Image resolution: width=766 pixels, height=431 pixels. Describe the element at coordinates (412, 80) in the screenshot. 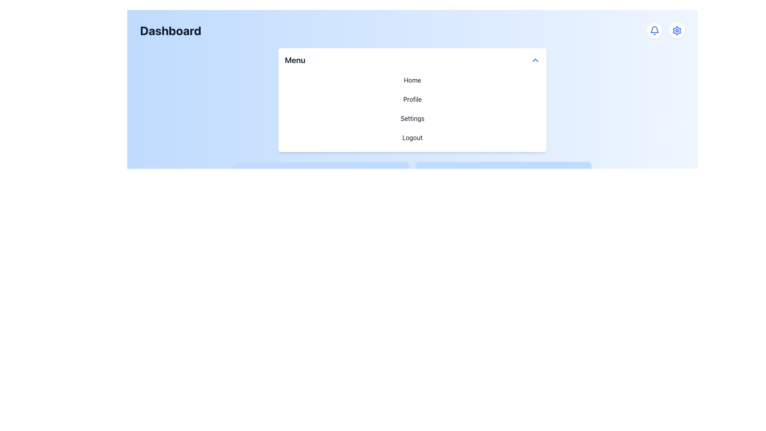

I see `the 'Home' menu item located at the top of the vertical menu list under the 'Menu' heading` at that location.